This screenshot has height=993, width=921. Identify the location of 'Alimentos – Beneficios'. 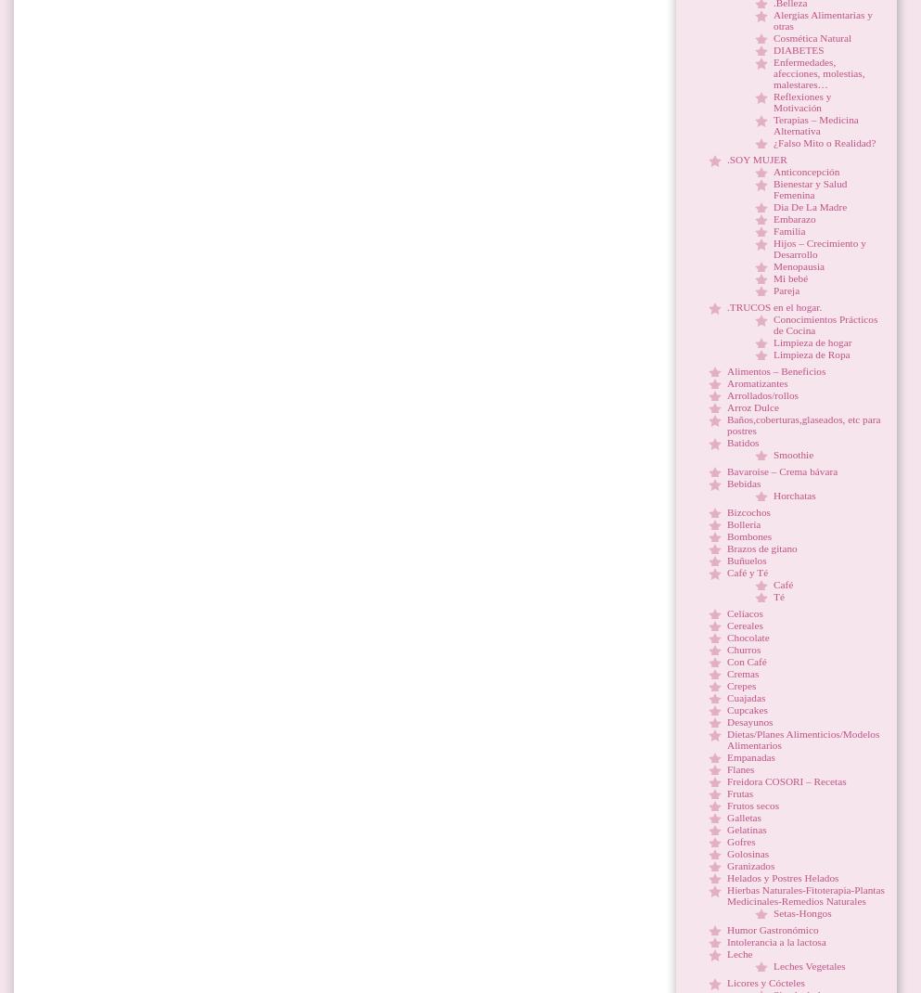
(775, 369).